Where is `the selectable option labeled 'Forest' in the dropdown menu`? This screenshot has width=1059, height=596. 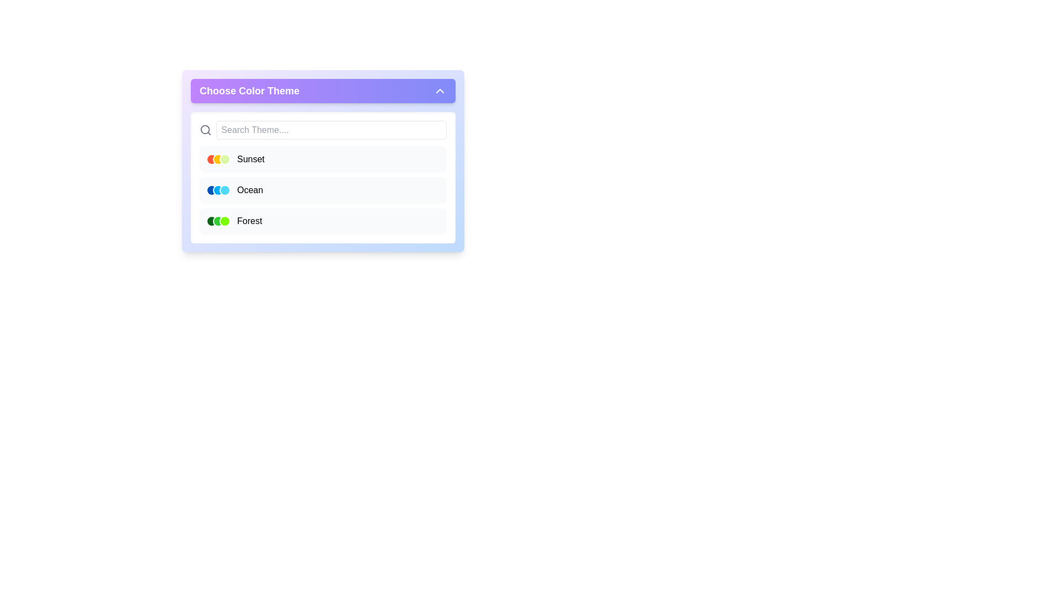 the selectable option labeled 'Forest' in the dropdown menu is located at coordinates (322, 221).